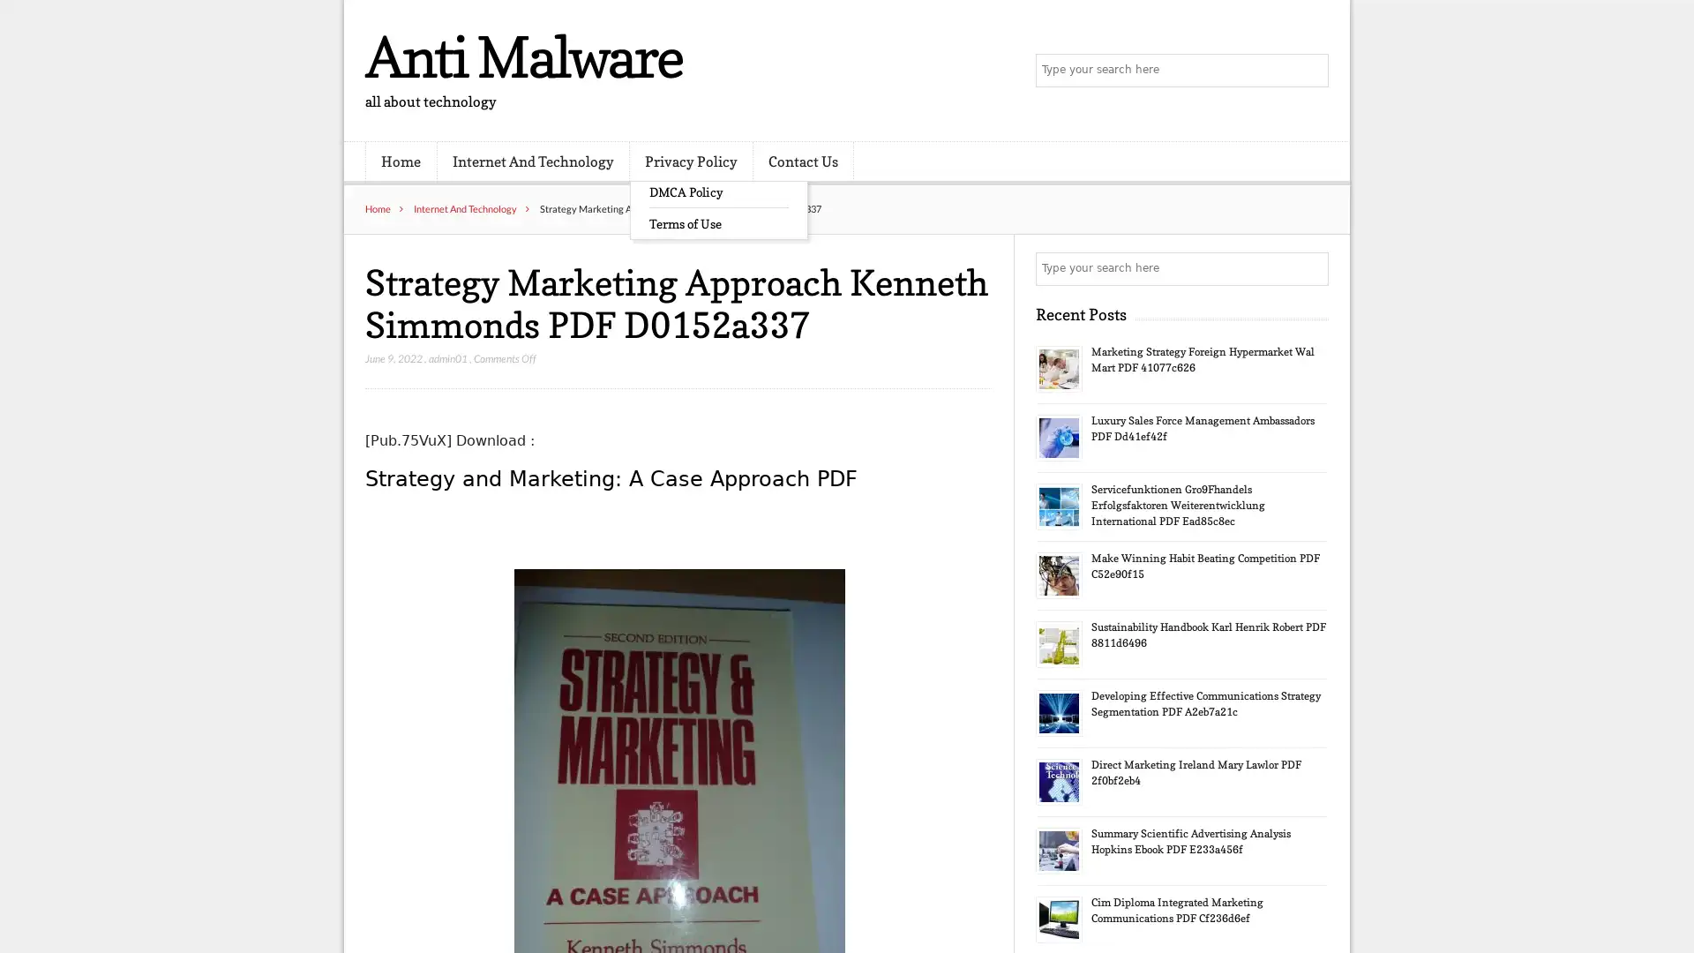 The width and height of the screenshot is (1694, 953). I want to click on Search, so click(1310, 268).